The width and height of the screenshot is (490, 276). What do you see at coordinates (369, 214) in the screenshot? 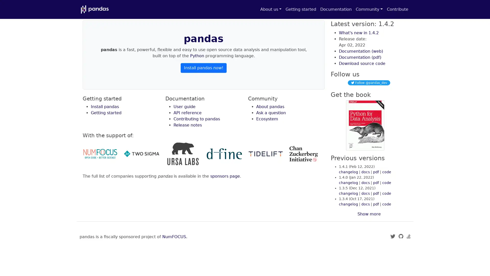
I see `Show more` at bounding box center [369, 214].